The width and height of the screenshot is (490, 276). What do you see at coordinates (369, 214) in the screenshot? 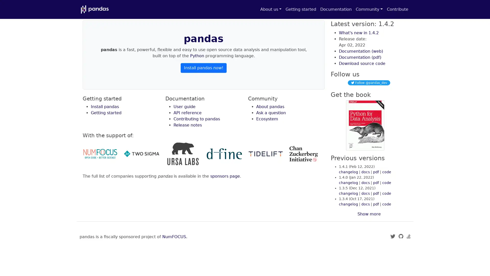
I see `Show more` at bounding box center [369, 214].